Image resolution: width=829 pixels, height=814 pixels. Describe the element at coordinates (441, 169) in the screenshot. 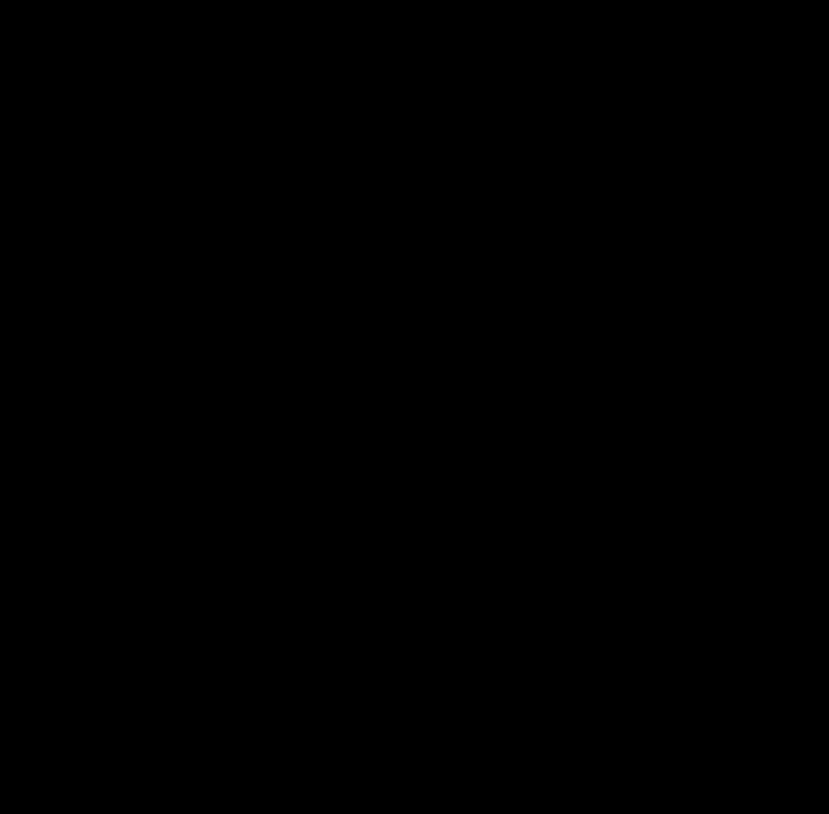

I see `'"Great team of professionals! They were quick, reliable, ready to ask and answer any questions needed to bring our brand to life. Will partner with them again in the future!"'` at that location.